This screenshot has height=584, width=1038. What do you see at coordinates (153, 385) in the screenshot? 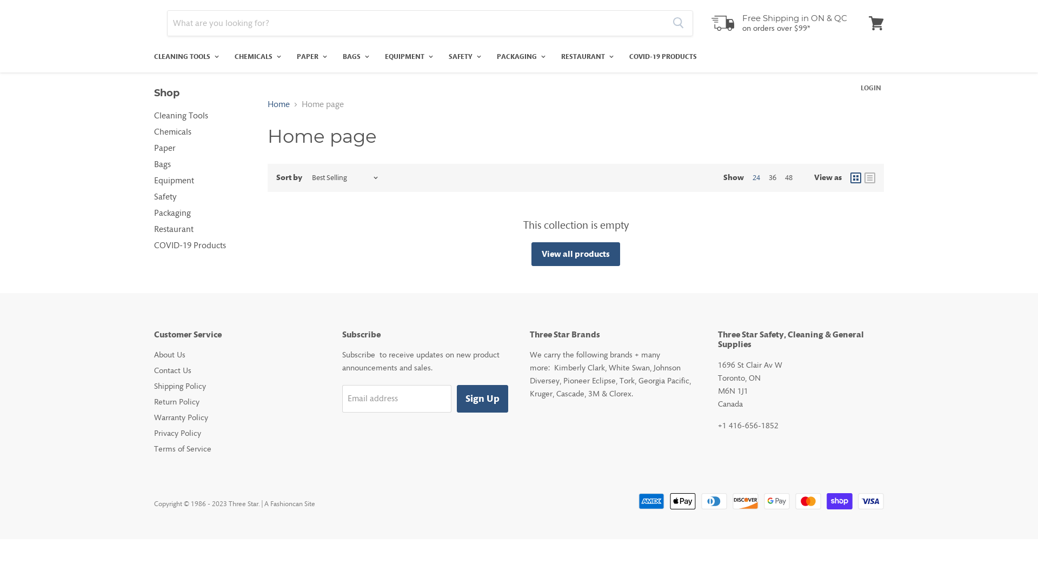
I see `'Shipping Policy'` at bounding box center [153, 385].